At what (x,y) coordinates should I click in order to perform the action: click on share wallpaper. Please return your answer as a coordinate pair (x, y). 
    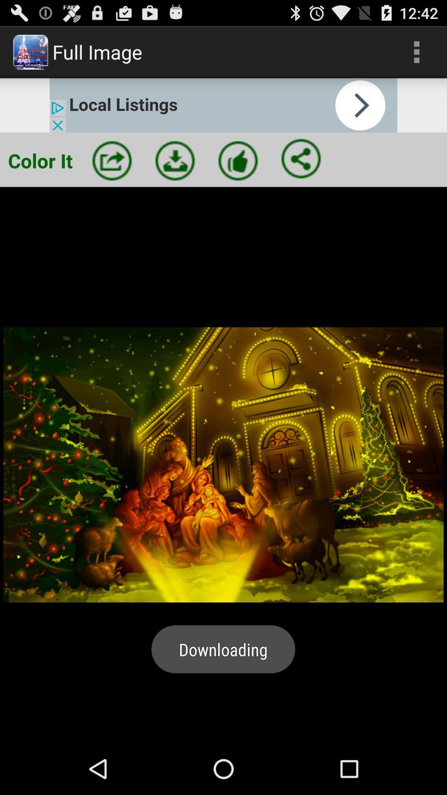
    Looking at the image, I should click on (112, 161).